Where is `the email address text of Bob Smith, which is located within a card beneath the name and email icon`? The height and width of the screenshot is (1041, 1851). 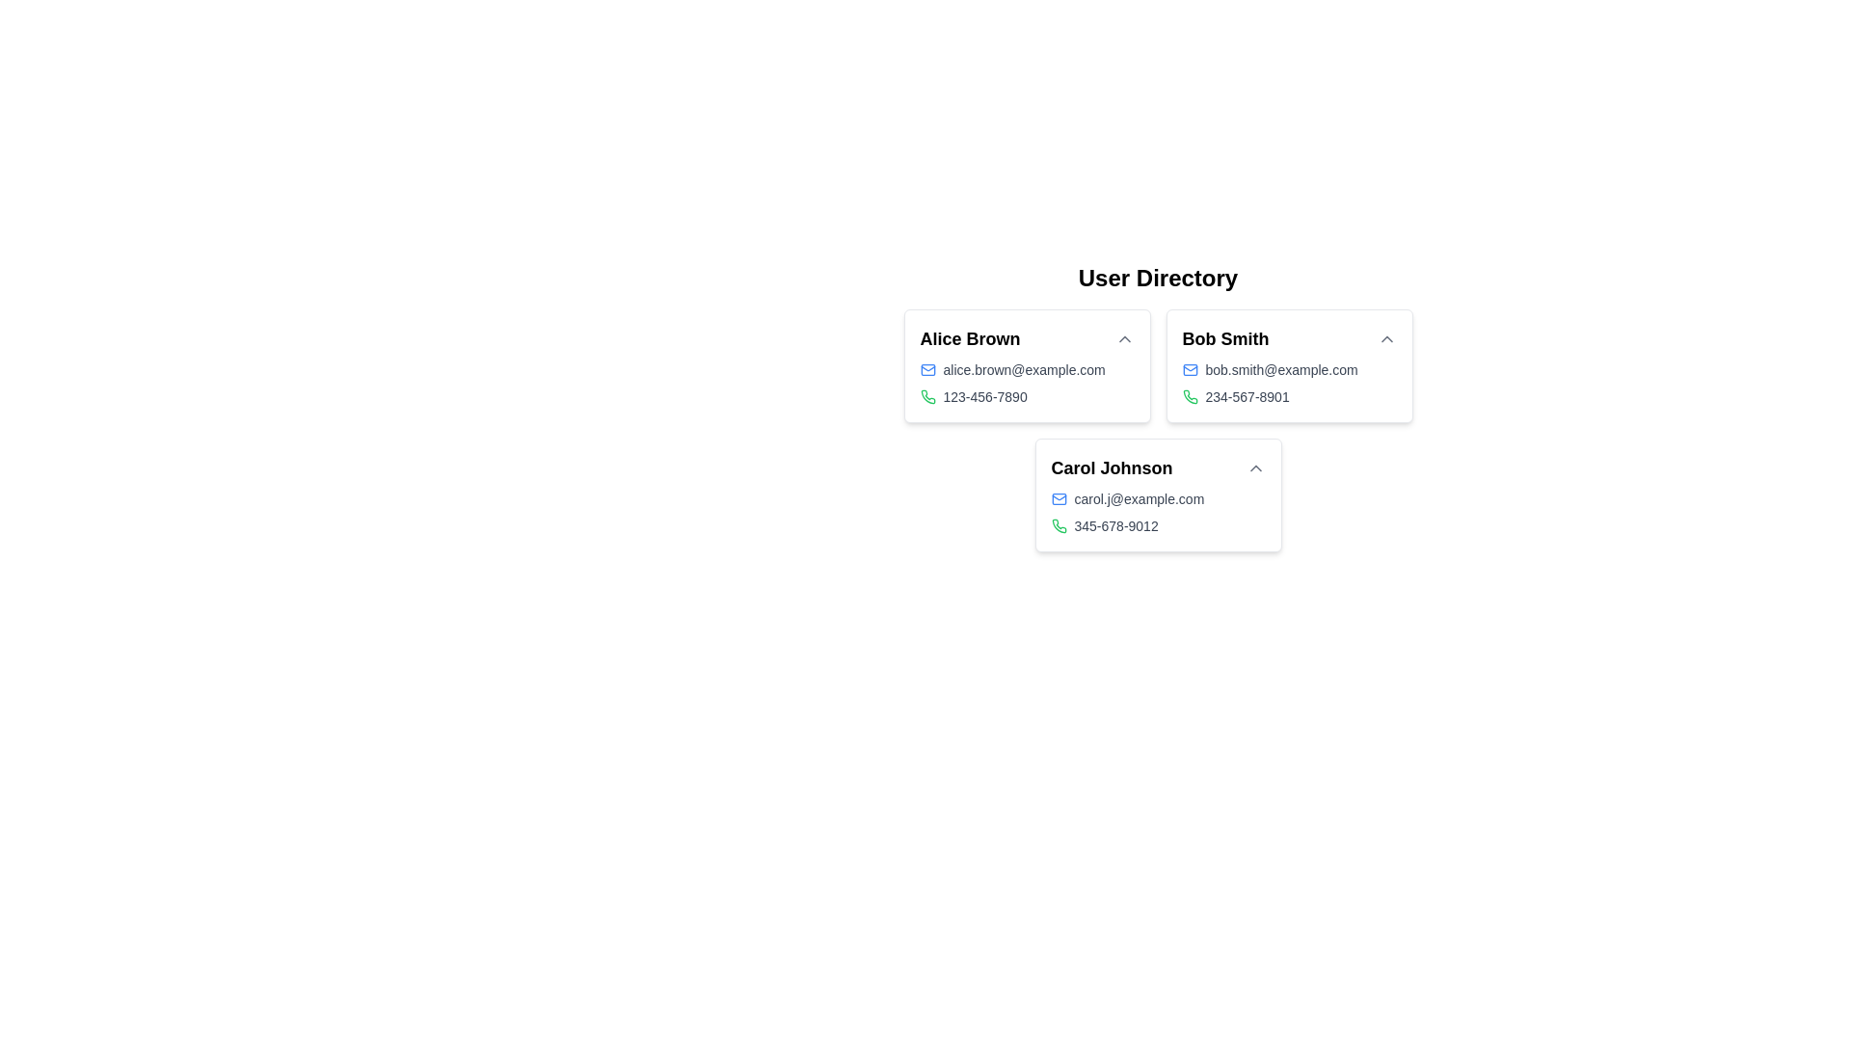
the email address text of Bob Smith, which is located within a card beneath the name and email icon is located at coordinates (1281, 370).